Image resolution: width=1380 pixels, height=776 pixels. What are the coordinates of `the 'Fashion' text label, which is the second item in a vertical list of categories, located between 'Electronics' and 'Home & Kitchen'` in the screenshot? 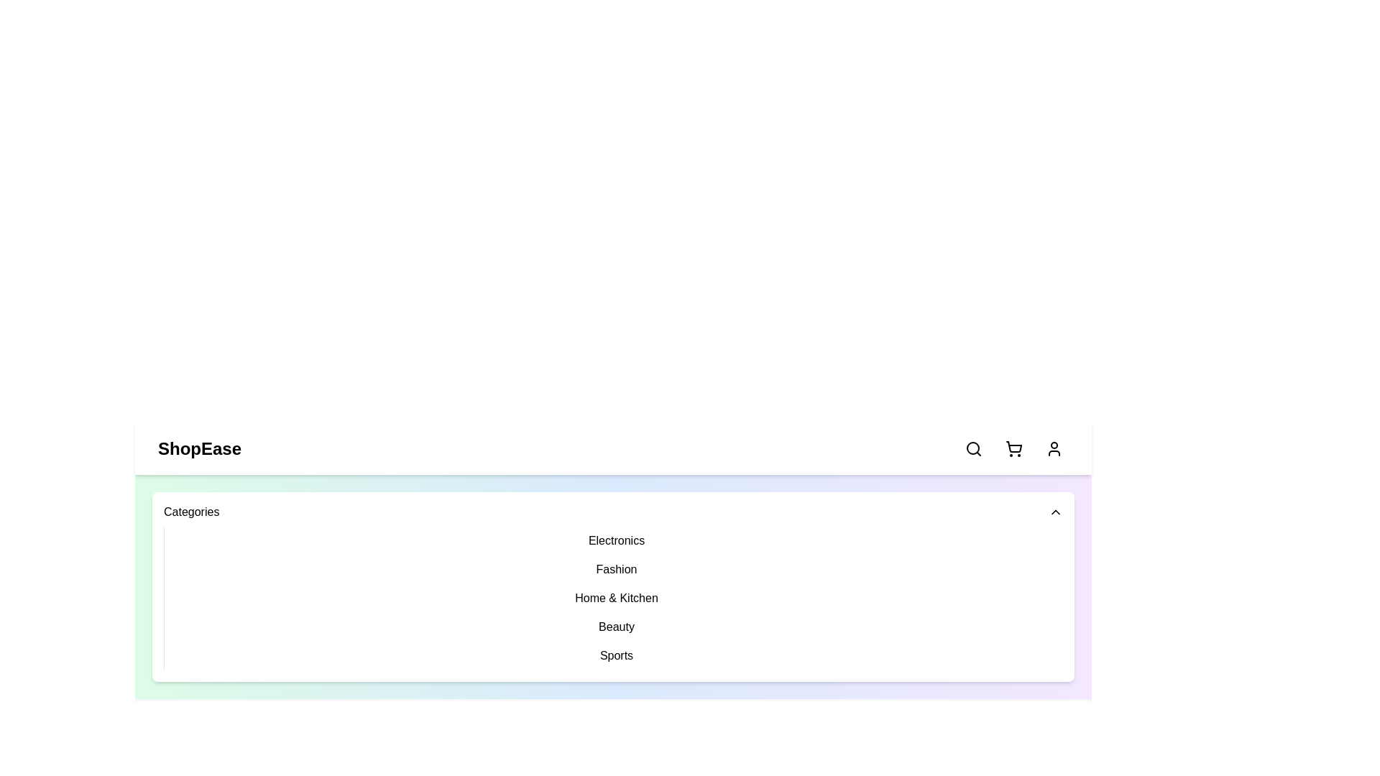 It's located at (617, 569).